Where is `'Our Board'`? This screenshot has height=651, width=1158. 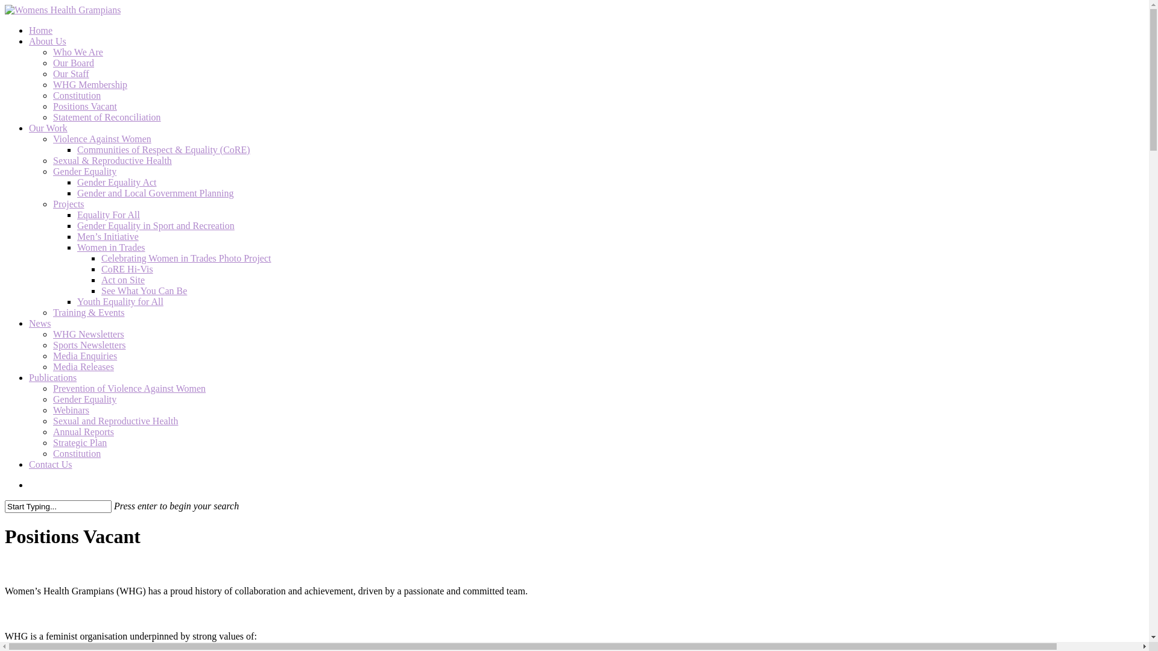
'Our Board' is located at coordinates (72, 63).